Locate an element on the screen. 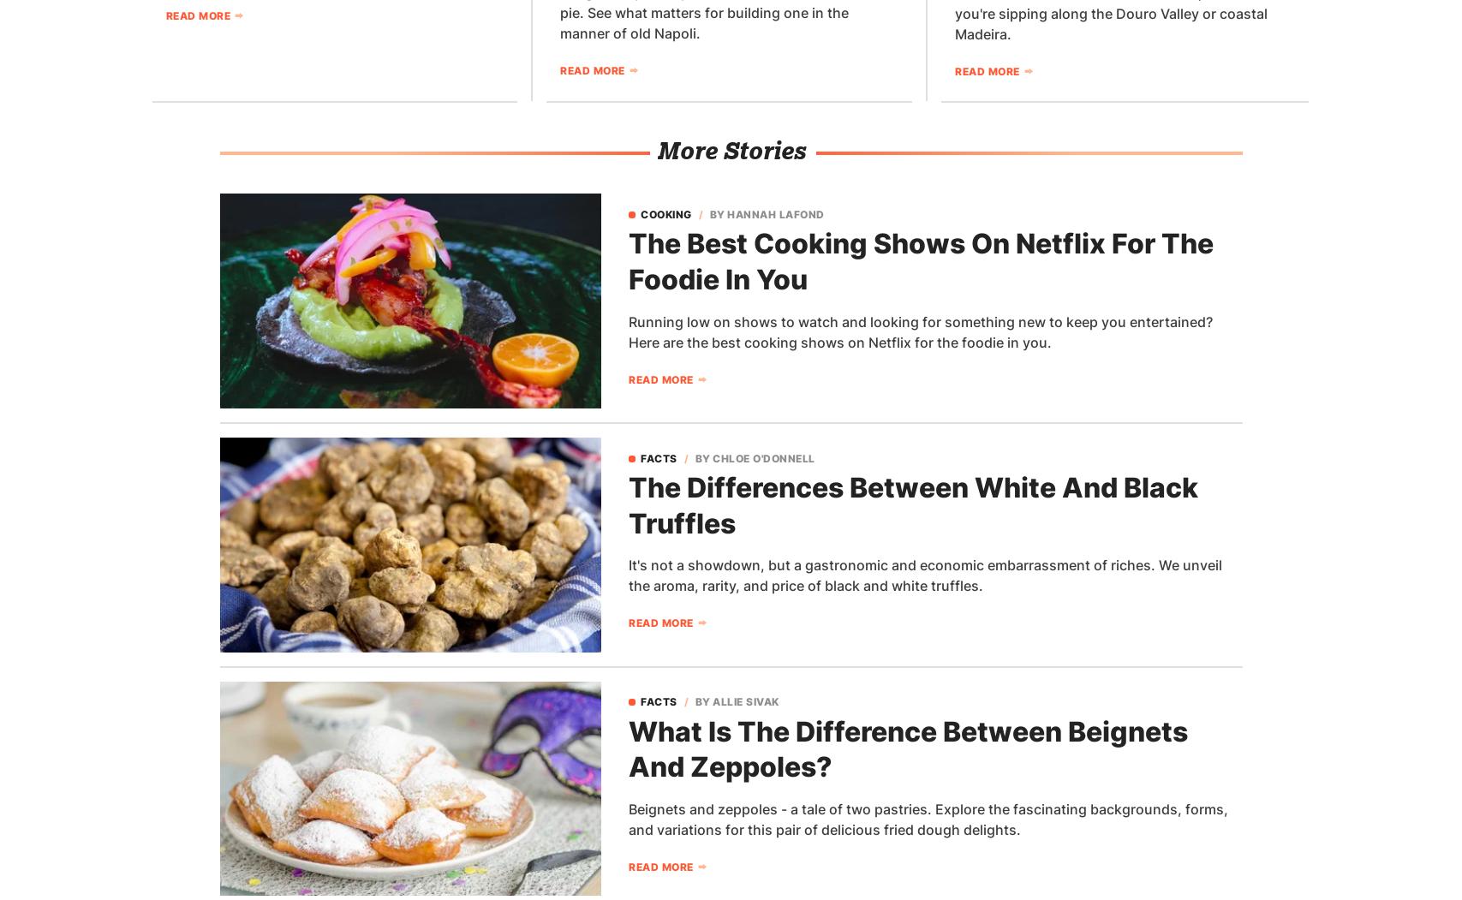 The image size is (1462, 900). 'Chloe O'Donnell' is located at coordinates (712, 456).